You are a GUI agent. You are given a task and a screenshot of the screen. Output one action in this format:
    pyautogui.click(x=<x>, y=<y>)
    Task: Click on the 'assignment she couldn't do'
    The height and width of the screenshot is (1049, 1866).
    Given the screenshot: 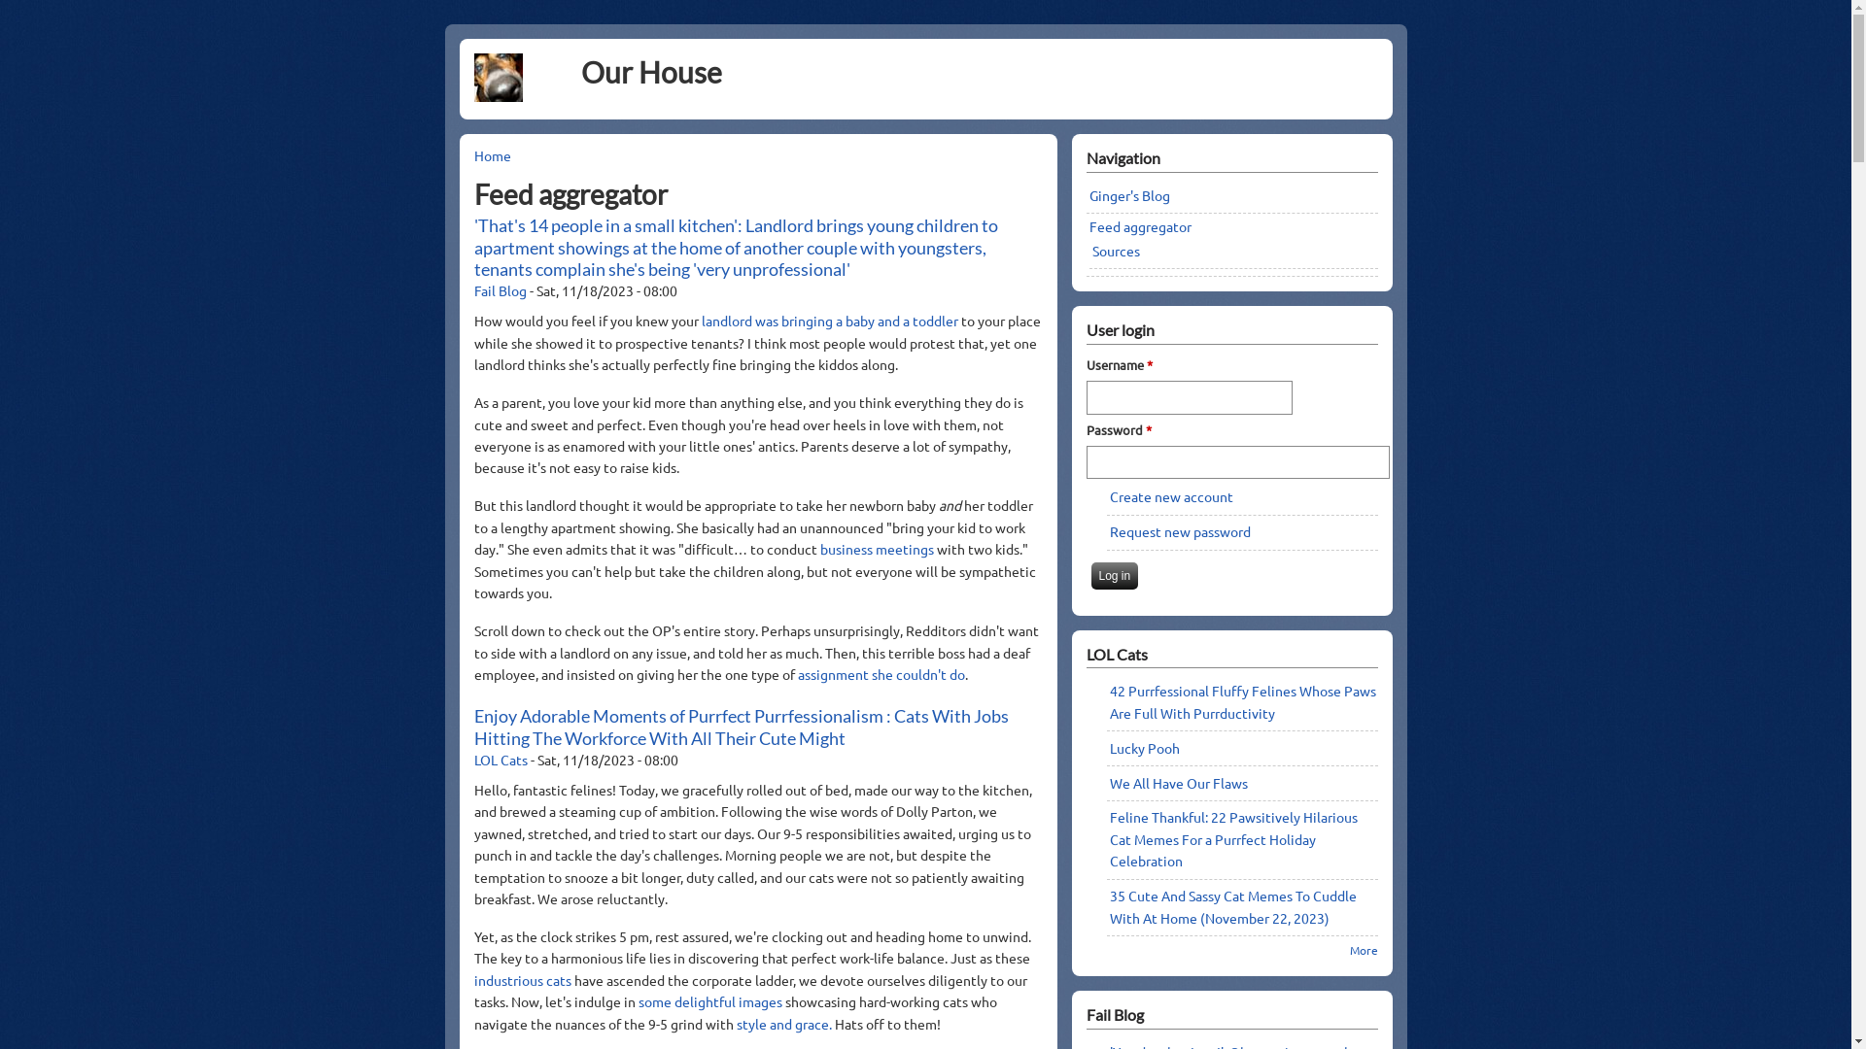 What is the action you would take?
    pyautogui.click(x=797, y=673)
    